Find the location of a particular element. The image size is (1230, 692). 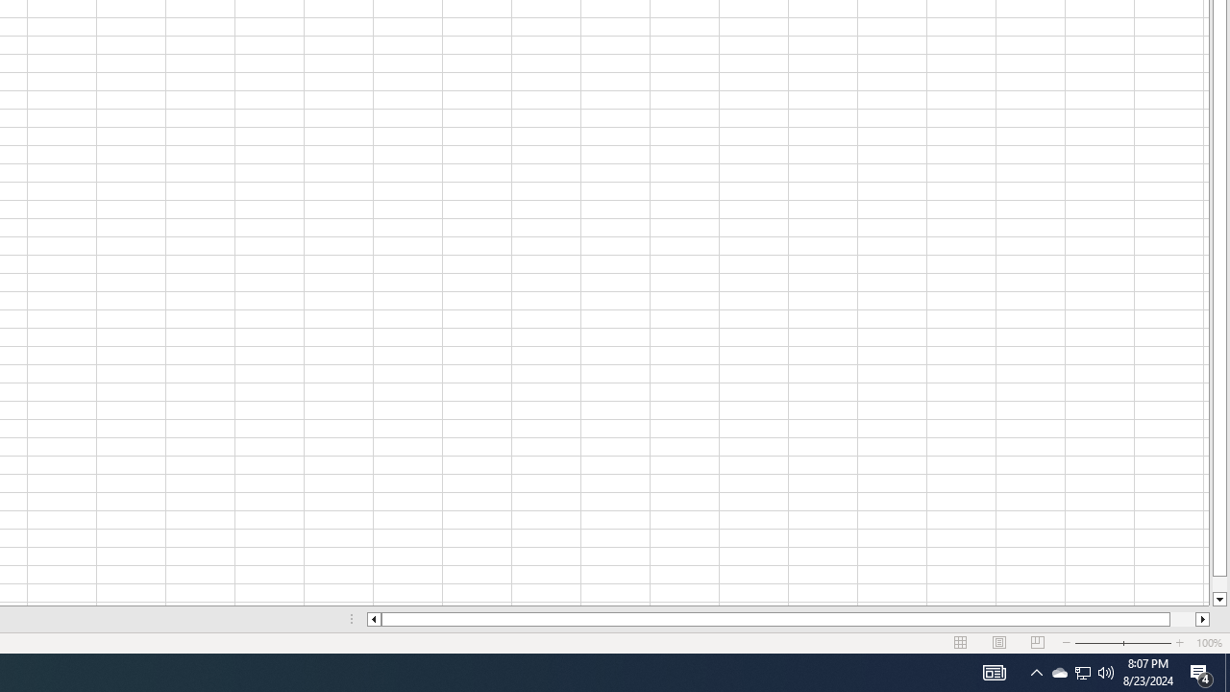

'Zoom' is located at coordinates (1122, 643).